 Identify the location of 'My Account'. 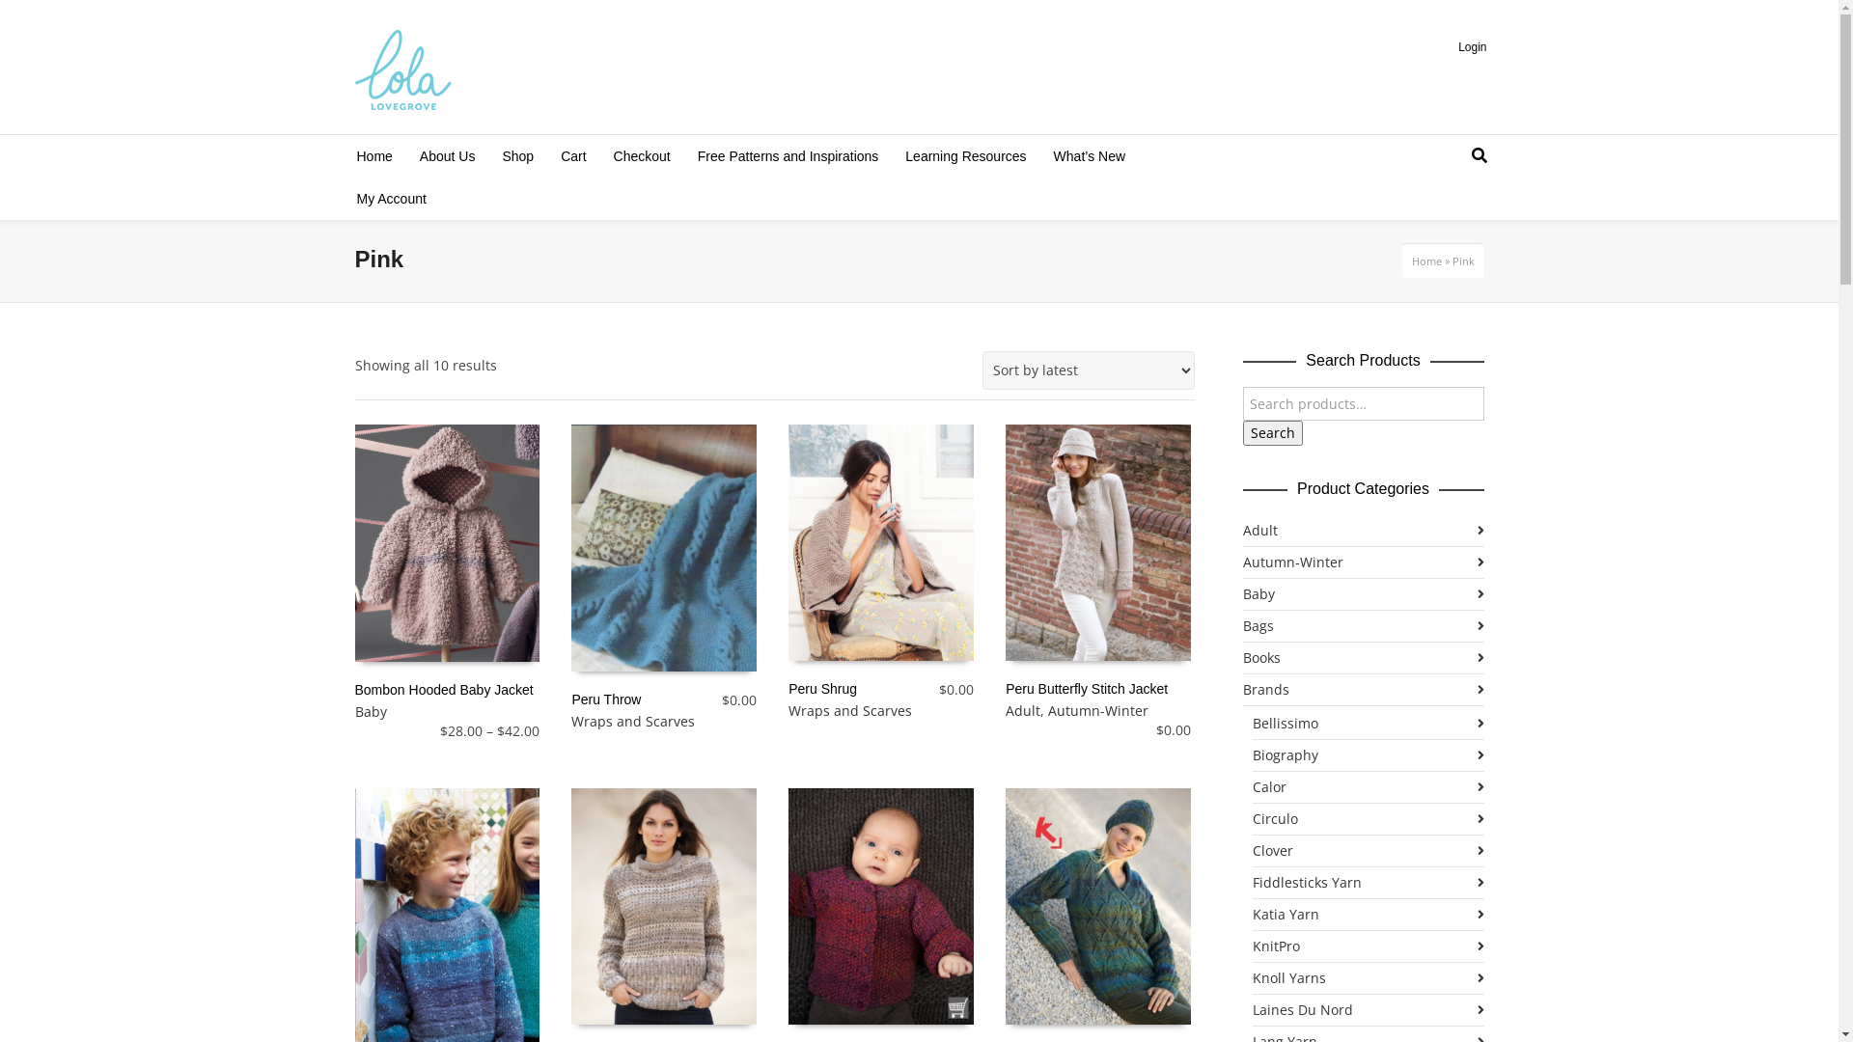
(391, 198).